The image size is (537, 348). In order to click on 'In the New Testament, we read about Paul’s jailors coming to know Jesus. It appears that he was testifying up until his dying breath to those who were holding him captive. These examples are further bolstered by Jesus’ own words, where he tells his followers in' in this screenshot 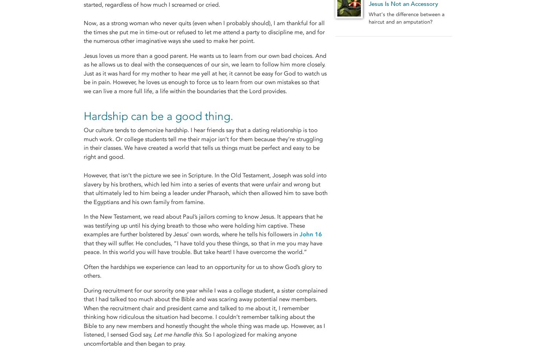, I will do `click(203, 225)`.